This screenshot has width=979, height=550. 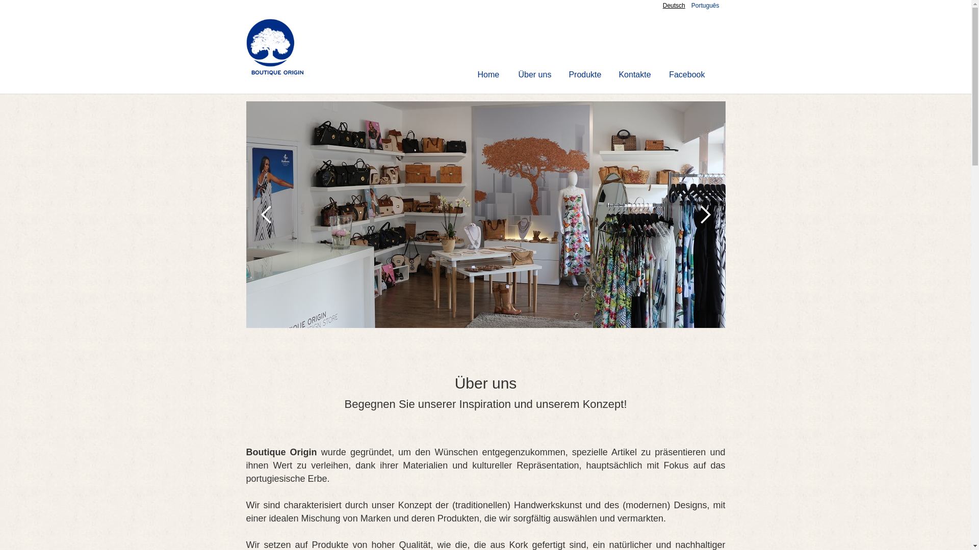 I want to click on 'Kontakte', so click(x=634, y=74).